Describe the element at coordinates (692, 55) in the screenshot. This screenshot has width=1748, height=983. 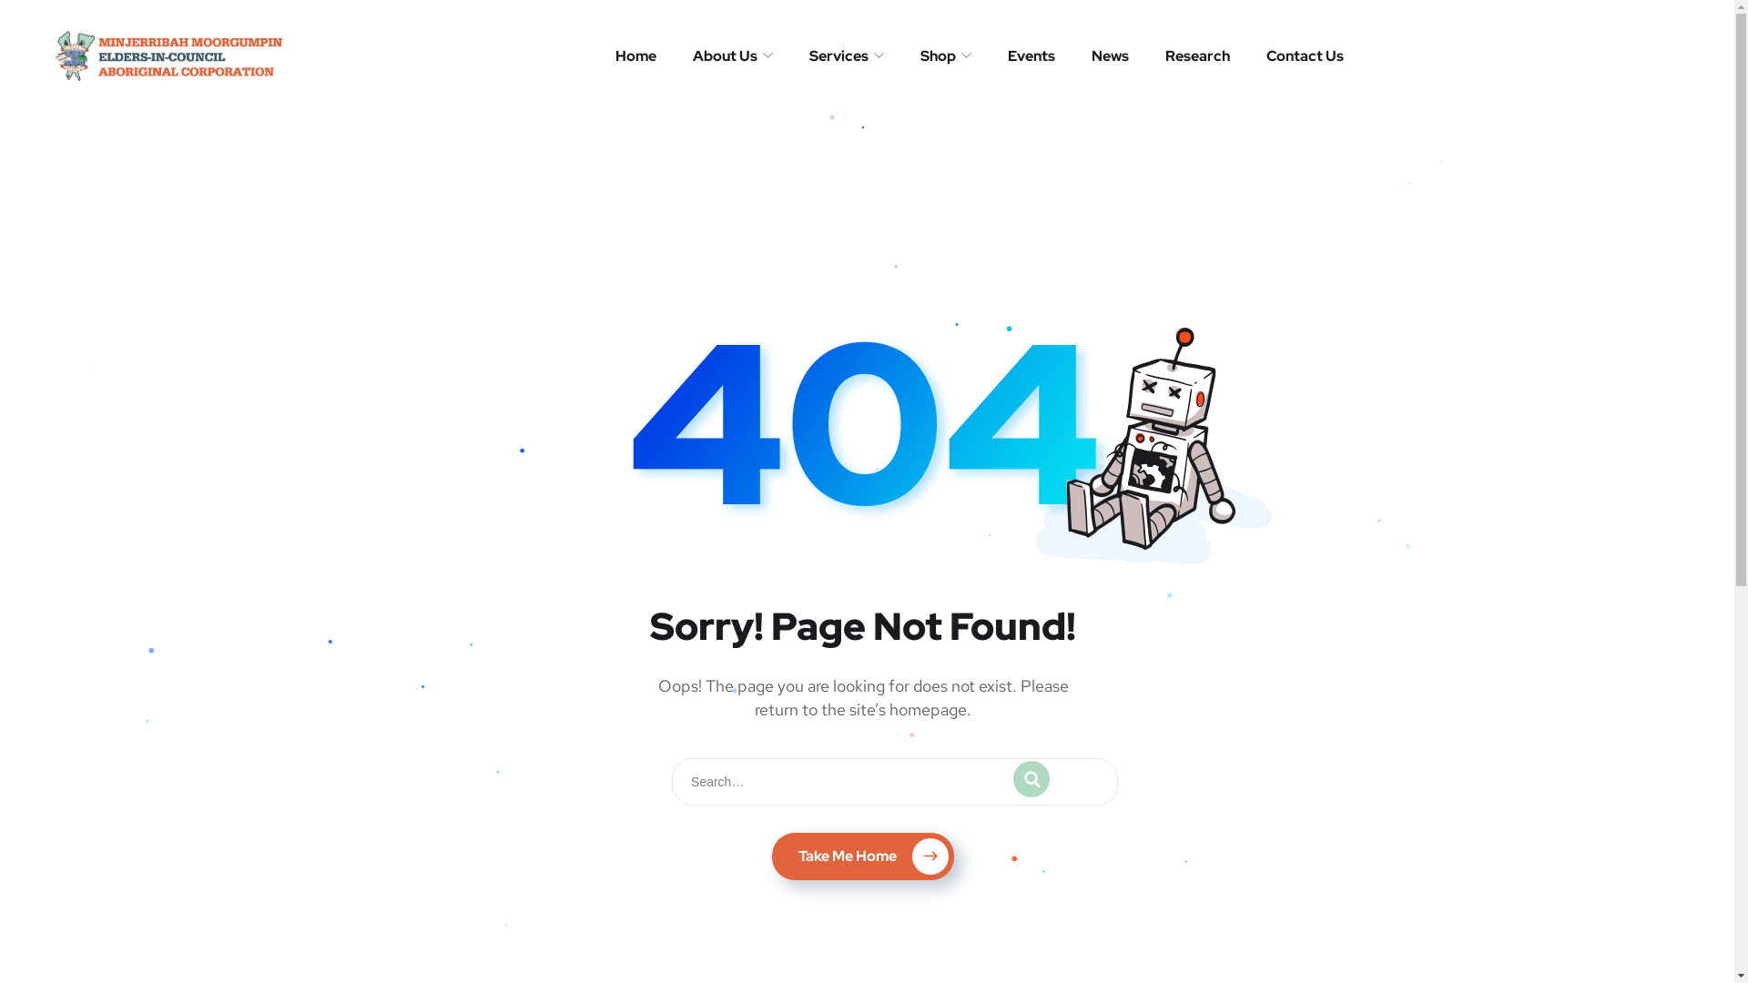
I see `'About Us'` at that location.